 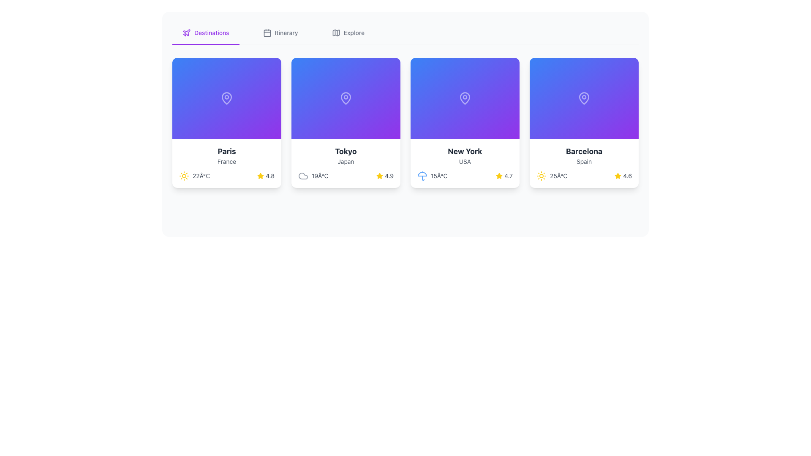 I want to click on the 'Itinerary' button, which features a calendar icon and gray text that darkens on hover, located in the second position of the horizontal navigation bar, so click(x=280, y=32).